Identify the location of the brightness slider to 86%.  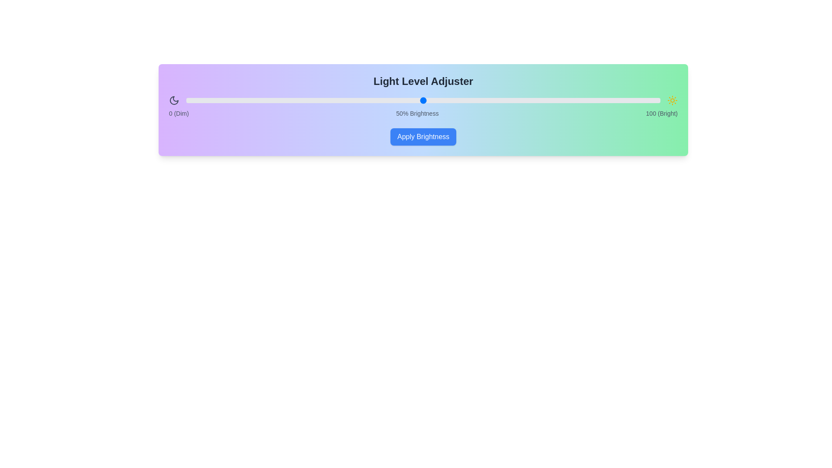
(593, 100).